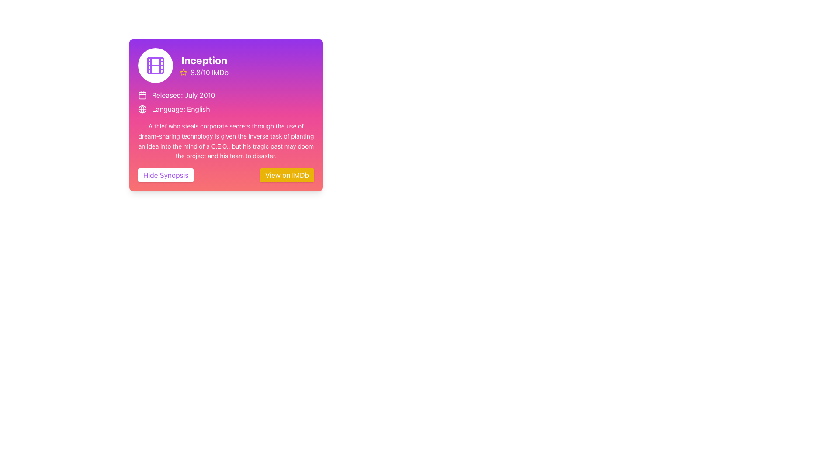  Describe the element at coordinates (166, 175) in the screenshot. I see `the rectangular button labeled 'Hide Synopsis' in purple to hide the synopsis` at that location.